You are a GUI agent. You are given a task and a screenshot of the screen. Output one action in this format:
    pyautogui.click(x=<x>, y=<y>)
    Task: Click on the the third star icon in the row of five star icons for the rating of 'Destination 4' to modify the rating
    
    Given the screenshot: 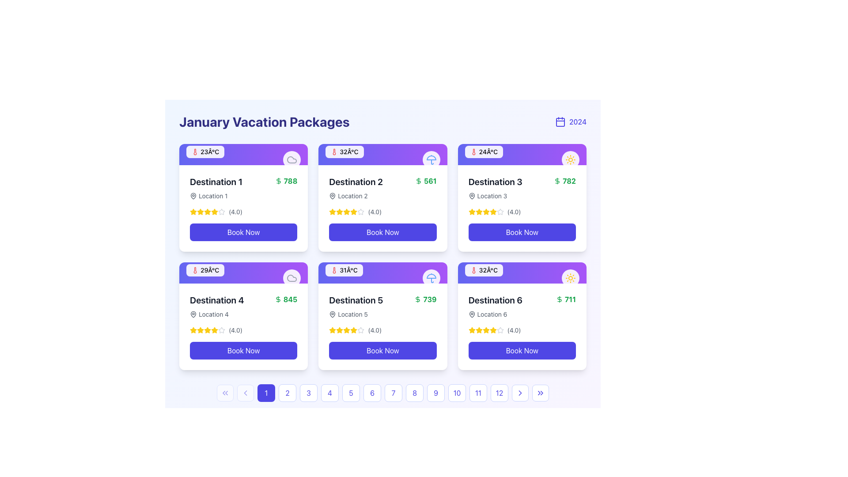 What is the action you would take?
    pyautogui.click(x=207, y=330)
    